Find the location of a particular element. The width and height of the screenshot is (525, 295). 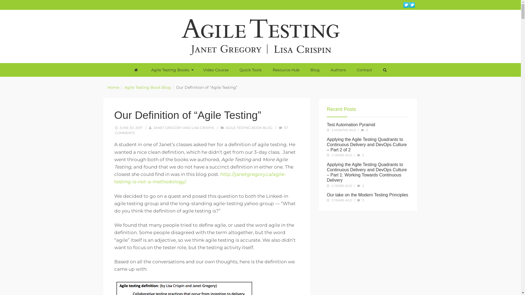

'Resource Hub' is located at coordinates (267, 69).